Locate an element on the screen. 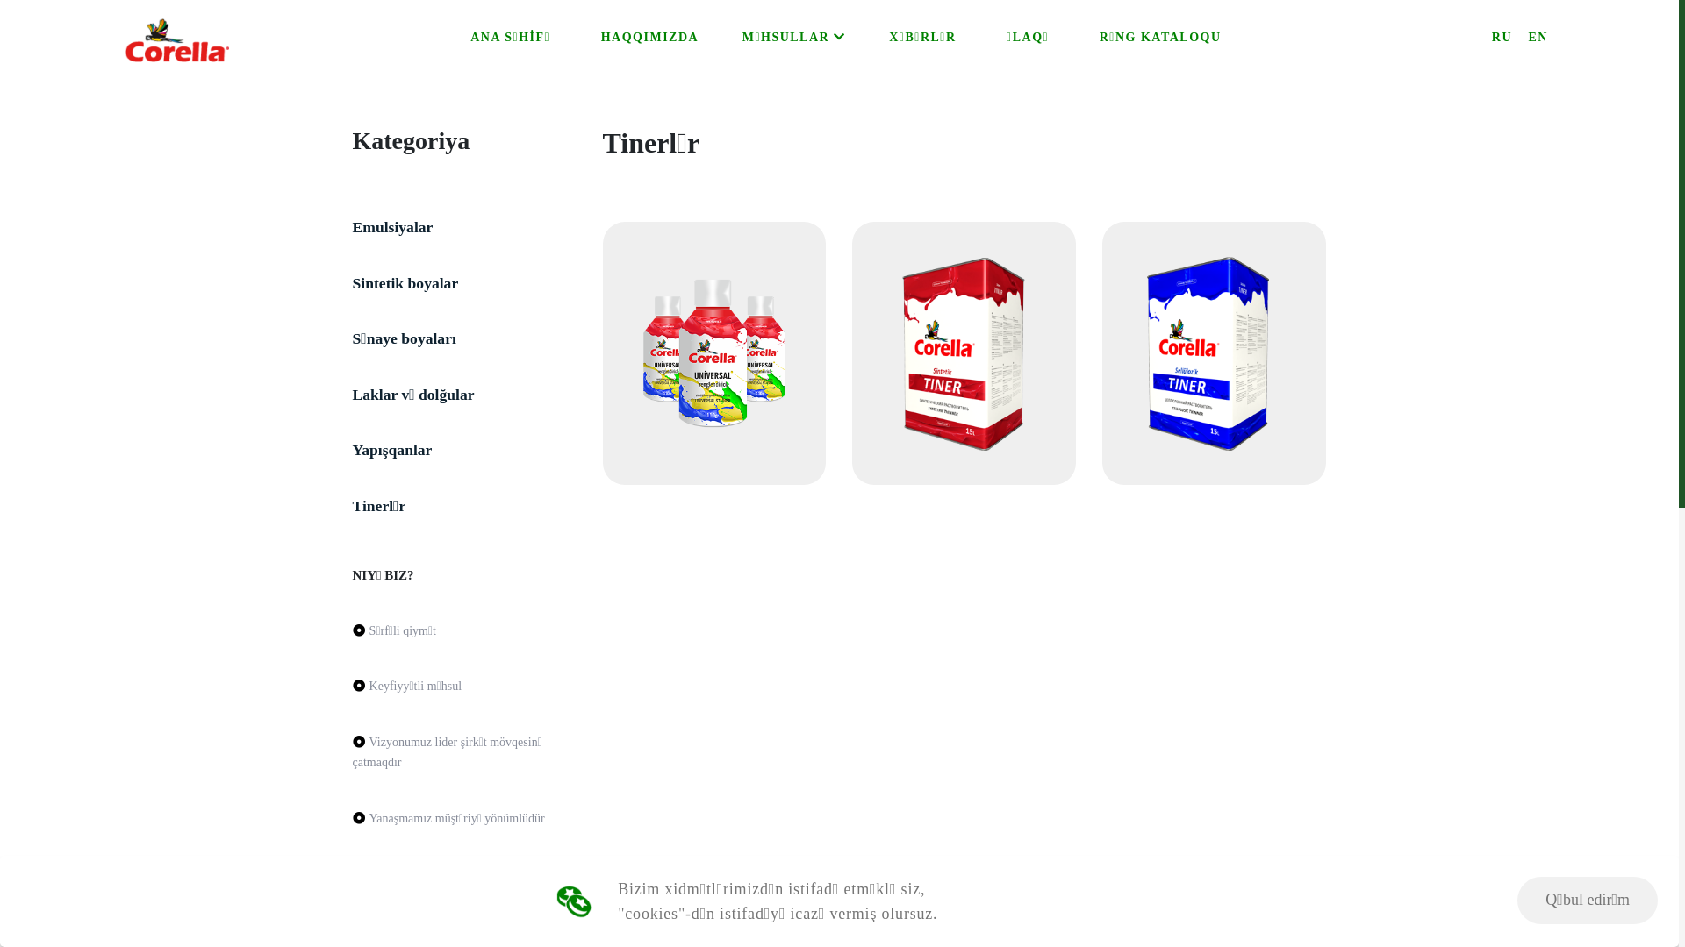 The height and width of the screenshot is (947, 1685). 'HAQQIMIZDA' is located at coordinates (593, 38).